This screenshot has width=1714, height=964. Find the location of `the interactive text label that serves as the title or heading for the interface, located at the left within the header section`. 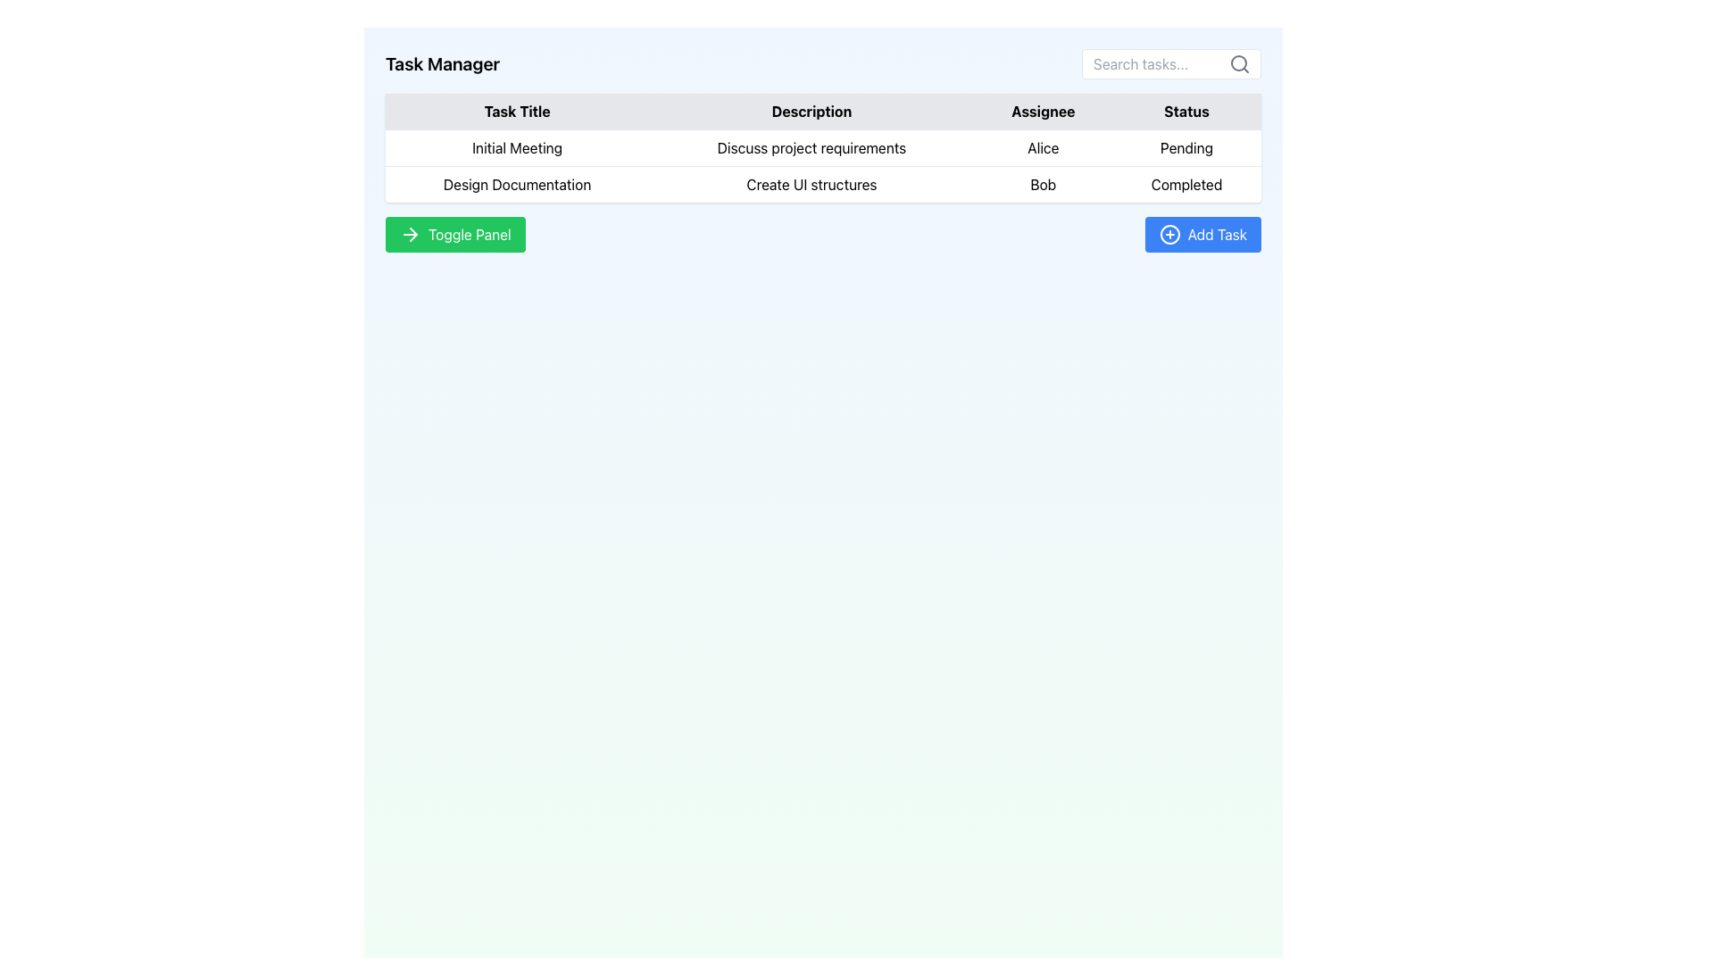

the interactive text label that serves as the title or heading for the interface, located at the left within the header section is located at coordinates (443, 63).